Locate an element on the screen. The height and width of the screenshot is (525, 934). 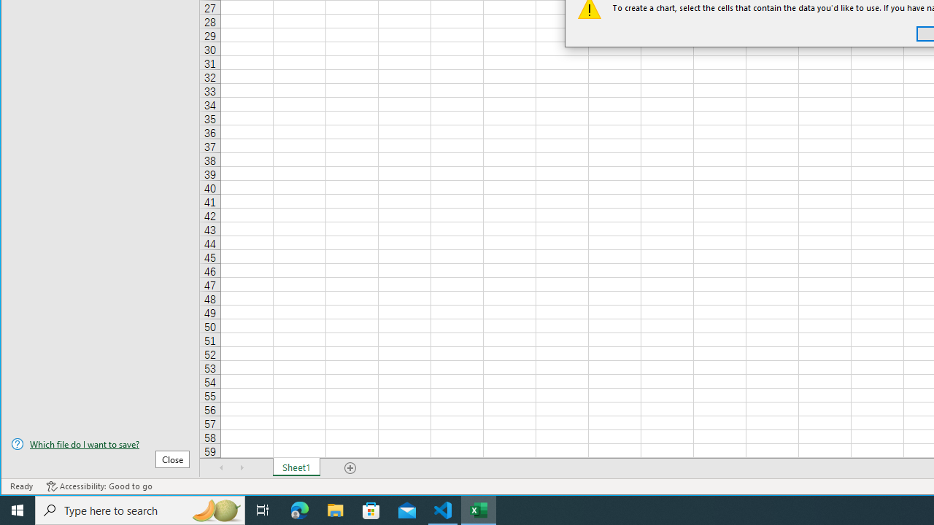
'Search highlights icon opens search home window' is located at coordinates (215, 509).